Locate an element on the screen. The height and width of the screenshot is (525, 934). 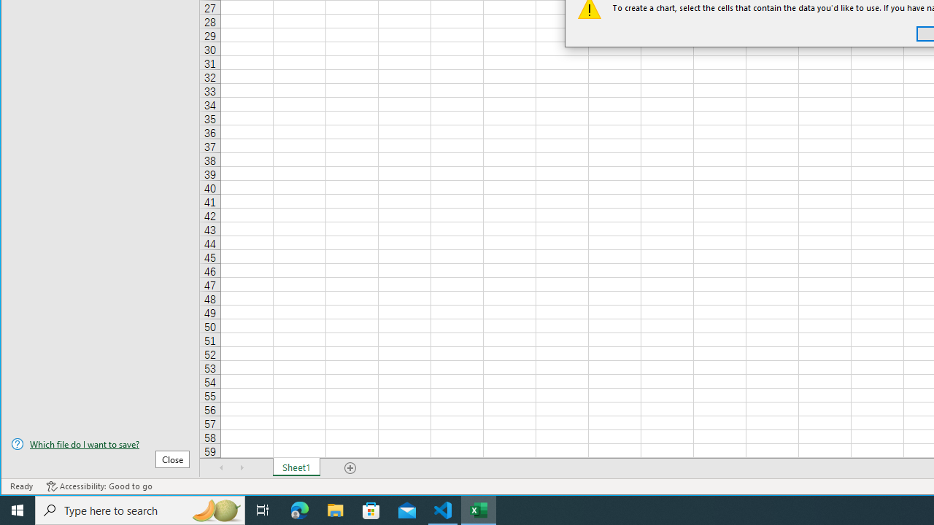
'Search highlights icon opens search home window' is located at coordinates (215, 509).